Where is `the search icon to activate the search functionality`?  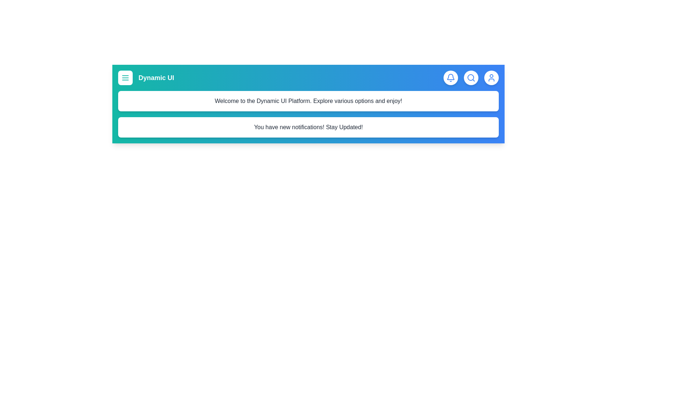
the search icon to activate the search functionality is located at coordinates (471, 78).